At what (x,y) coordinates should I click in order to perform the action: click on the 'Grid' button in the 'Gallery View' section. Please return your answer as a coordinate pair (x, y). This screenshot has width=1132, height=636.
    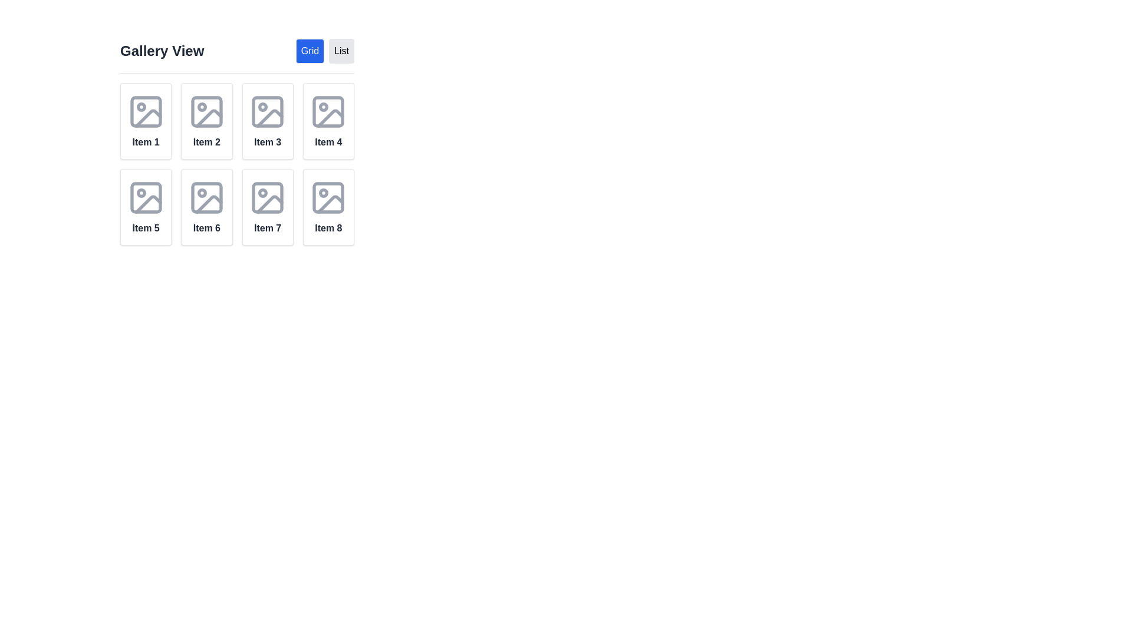
    Looking at the image, I should click on (236, 56).